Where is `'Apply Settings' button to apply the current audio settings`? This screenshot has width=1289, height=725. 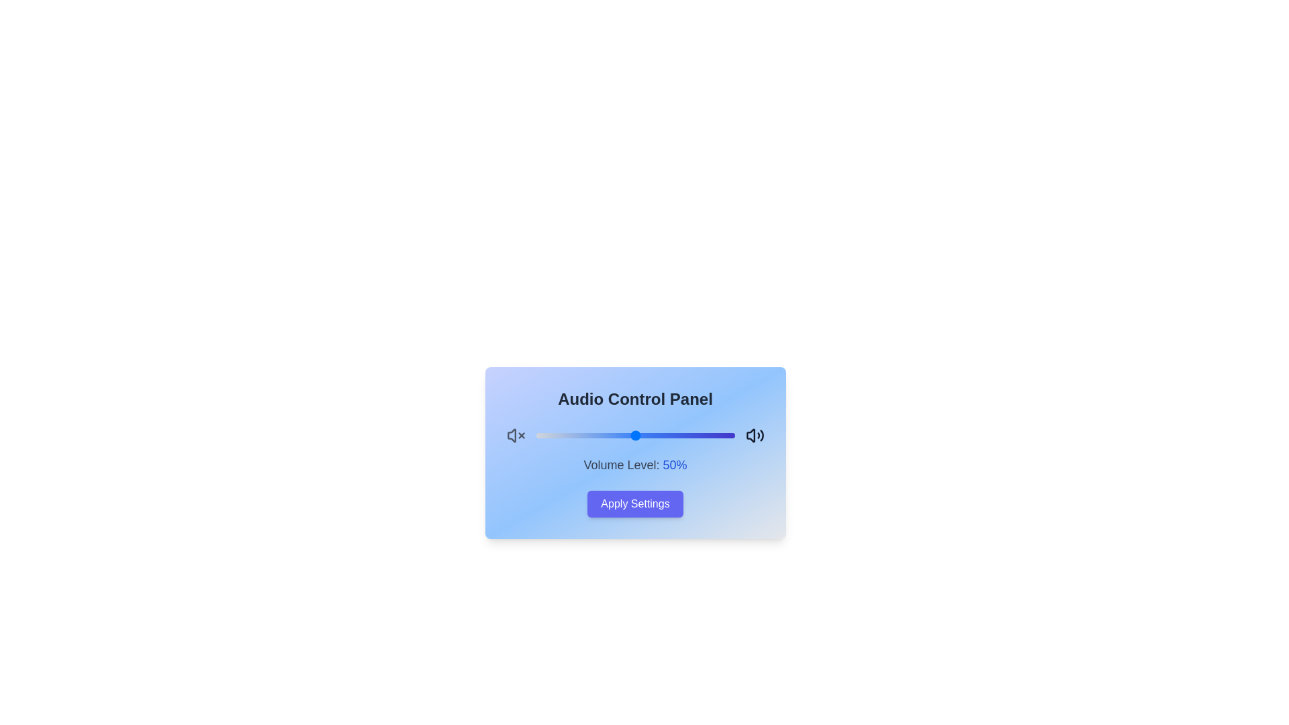 'Apply Settings' button to apply the current audio settings is located at coordinates (634, 504).